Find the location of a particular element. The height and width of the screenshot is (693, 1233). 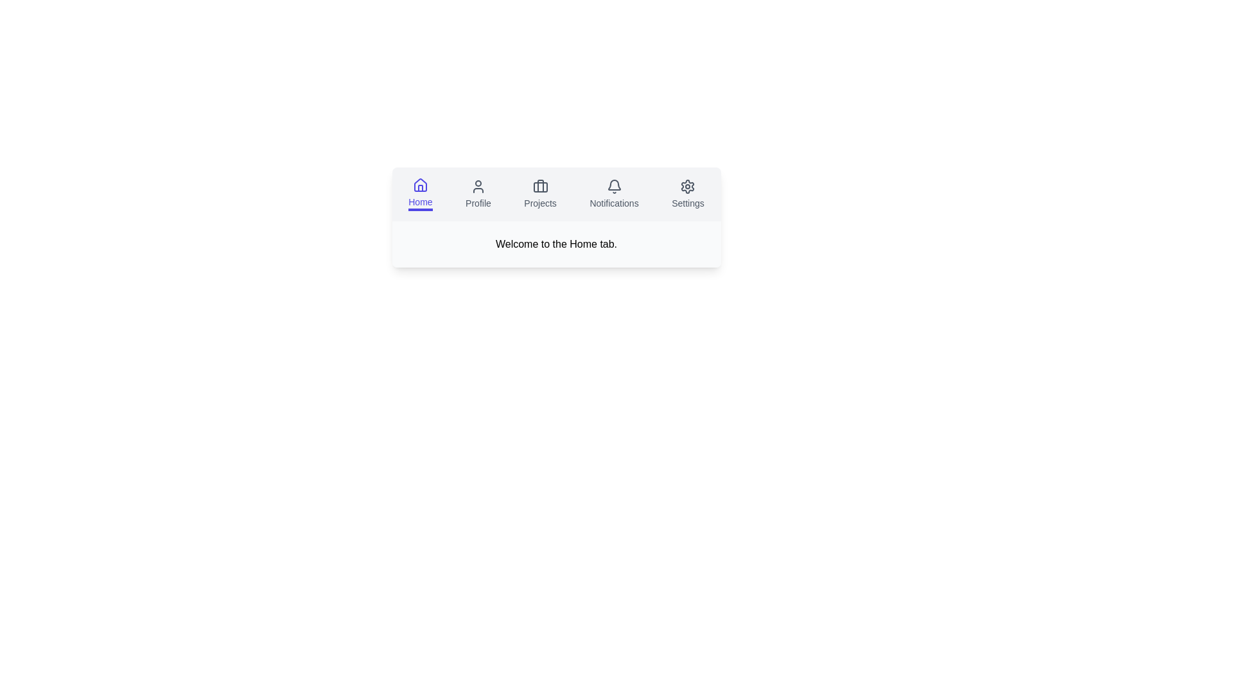

the 'Notifications' icon, represented by a bell, located in the horizontal navigation bar is located at coordinates (613, 186).